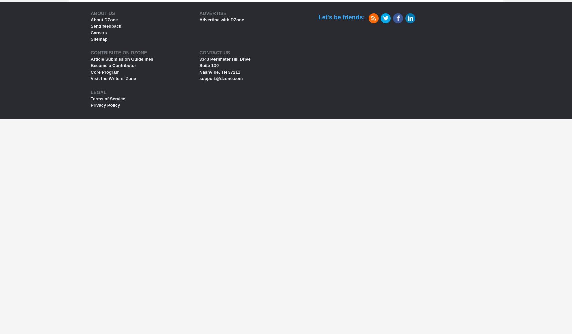 Image resolution: width=572 pixels, height=334 pixels. What do you see at coordinates (220, 71) in the screenshot?
I see `'Nashville, TN 37211'` at bounding box center [220, 71].